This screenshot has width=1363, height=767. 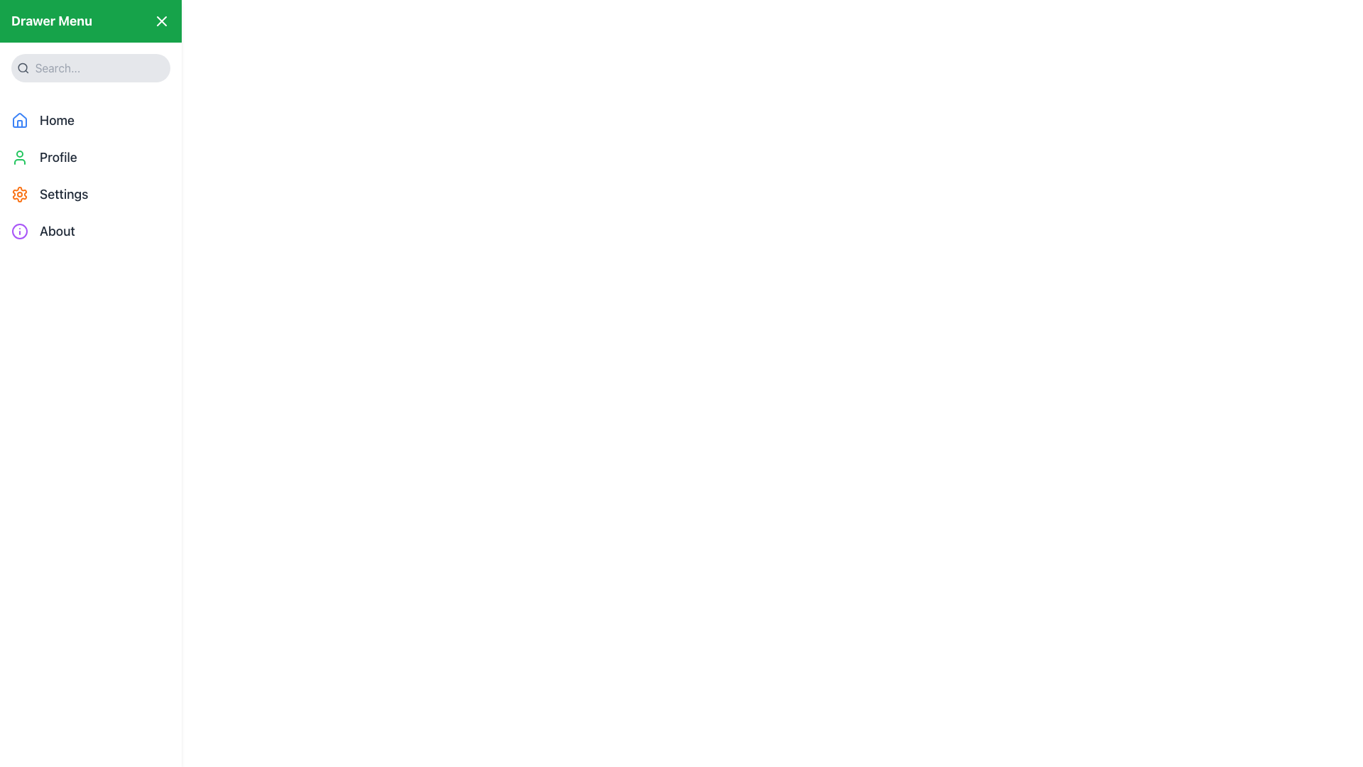 I want to click on the 'Close' button located in the top-right corner of the 'Drawer Menu' green bar, so click(x=161, y=21).